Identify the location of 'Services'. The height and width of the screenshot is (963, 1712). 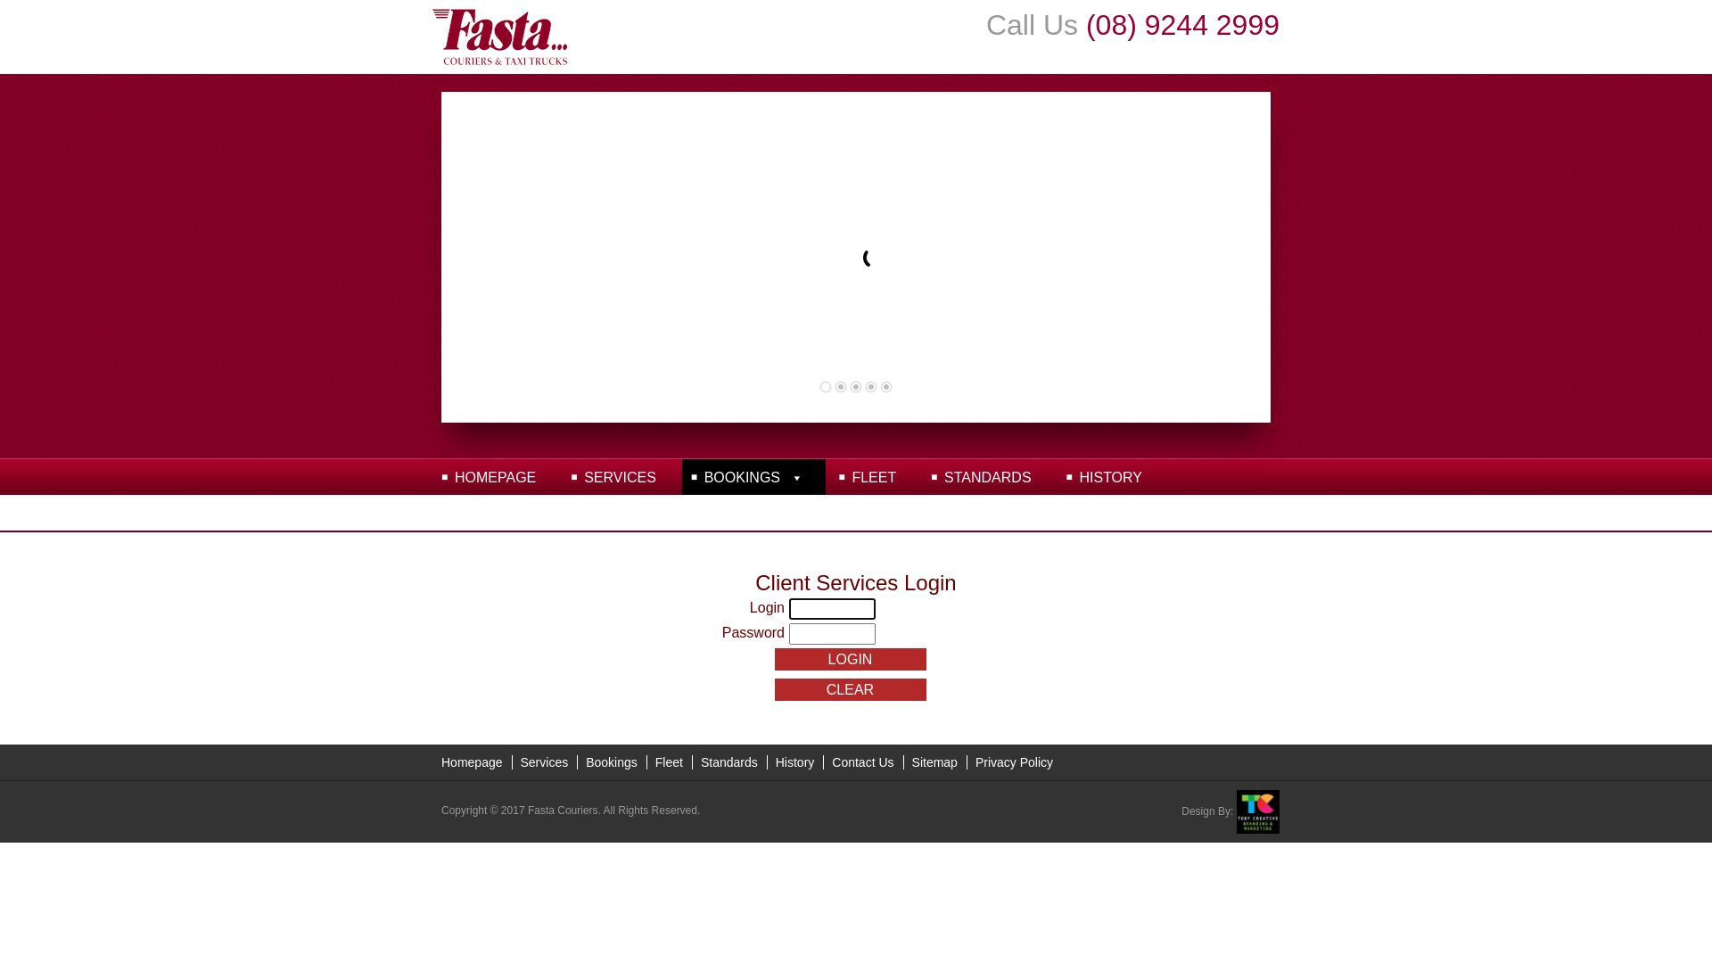
(543, 762).